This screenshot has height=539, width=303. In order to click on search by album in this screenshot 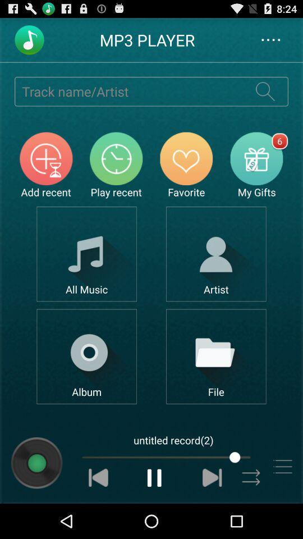, I will do `click(86, 356)`.